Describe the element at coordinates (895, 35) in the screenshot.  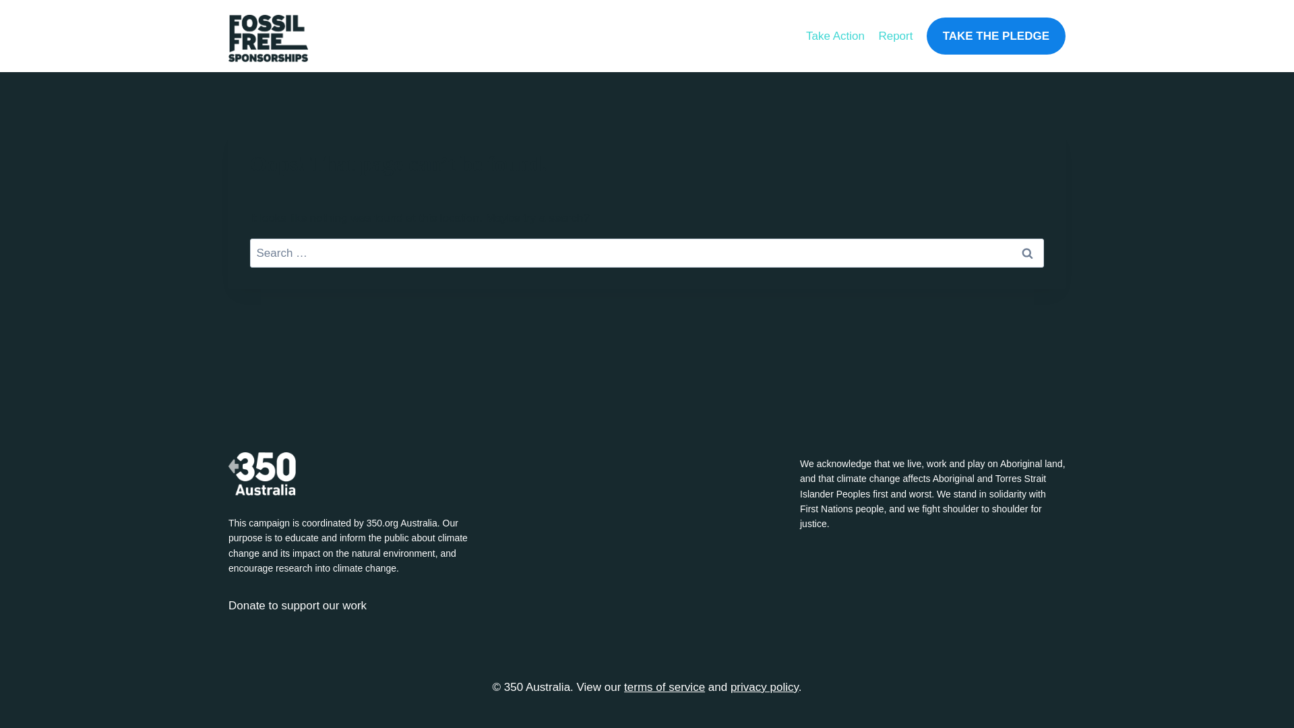
I see `'Report'` at that location.